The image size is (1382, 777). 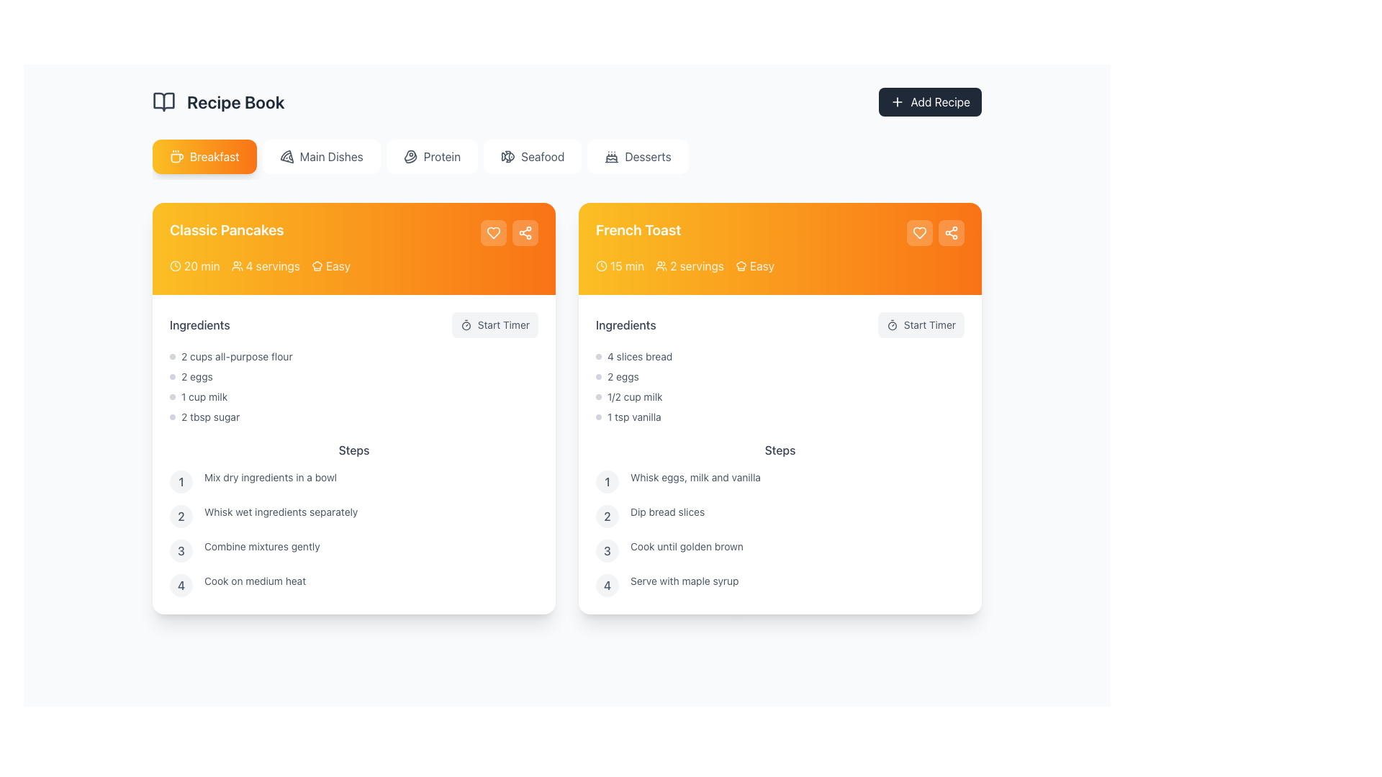 What do you see at coordinates (920, 324) in the screenshot?
I see `the 'Start Timer' button, which features a stopwatch icon and is located to the right of the 'Ingredients' label in the 'French Toast' recipe section` at bounding box center [920, 324].